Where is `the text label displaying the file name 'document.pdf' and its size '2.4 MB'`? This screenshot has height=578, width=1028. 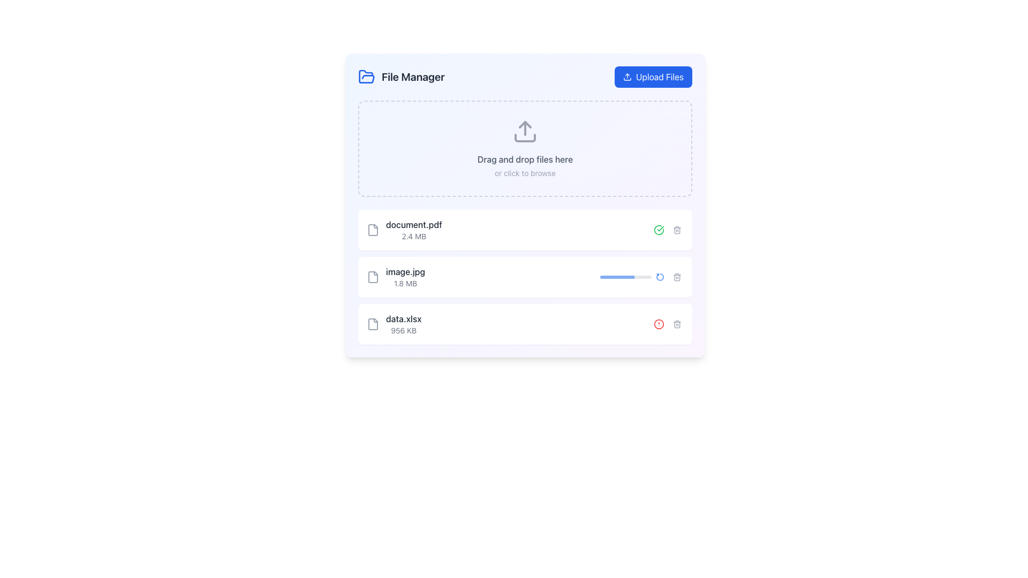 the text label displaying the file name 'document.pdf' and its size '2.4 MB' is located at coordinates (413, 229).